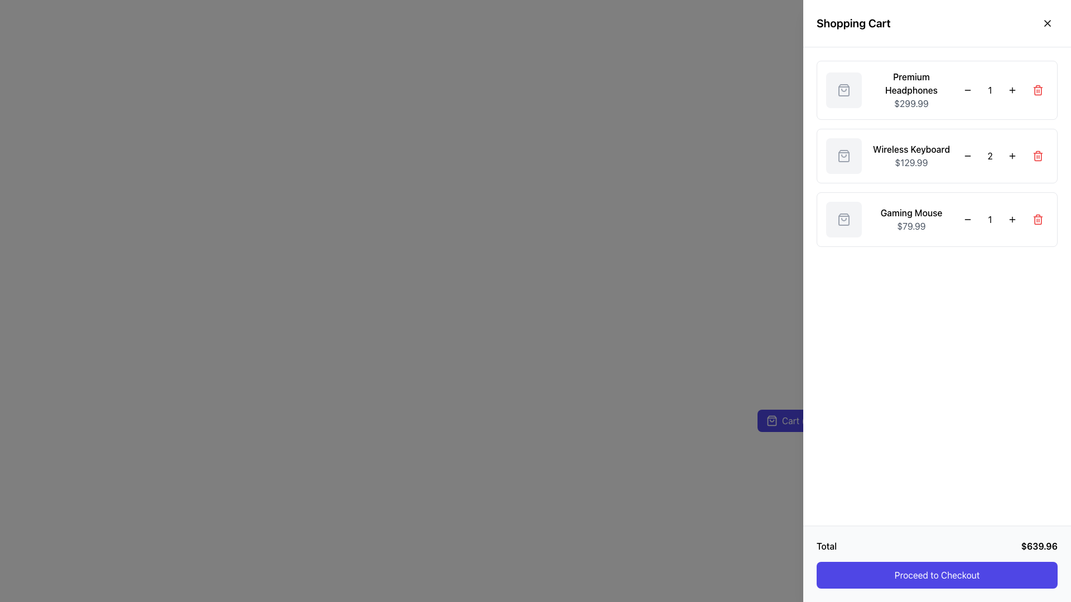  I want to click on the 'Shopping Cart' text label, which is a bold and large font title positioned at the top of the shopping cart interface, so click(853, 23).